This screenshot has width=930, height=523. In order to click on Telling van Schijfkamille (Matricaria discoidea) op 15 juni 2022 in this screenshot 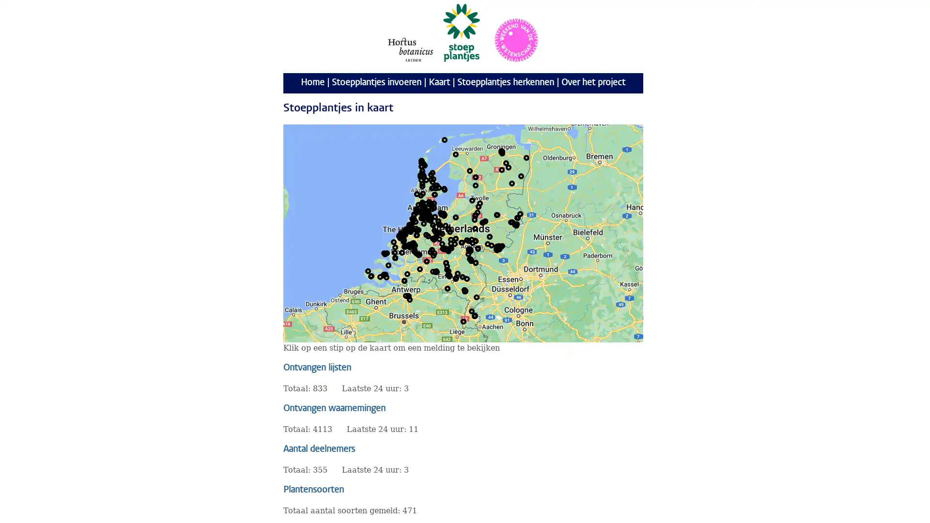, I will do `click(414, 214)`.